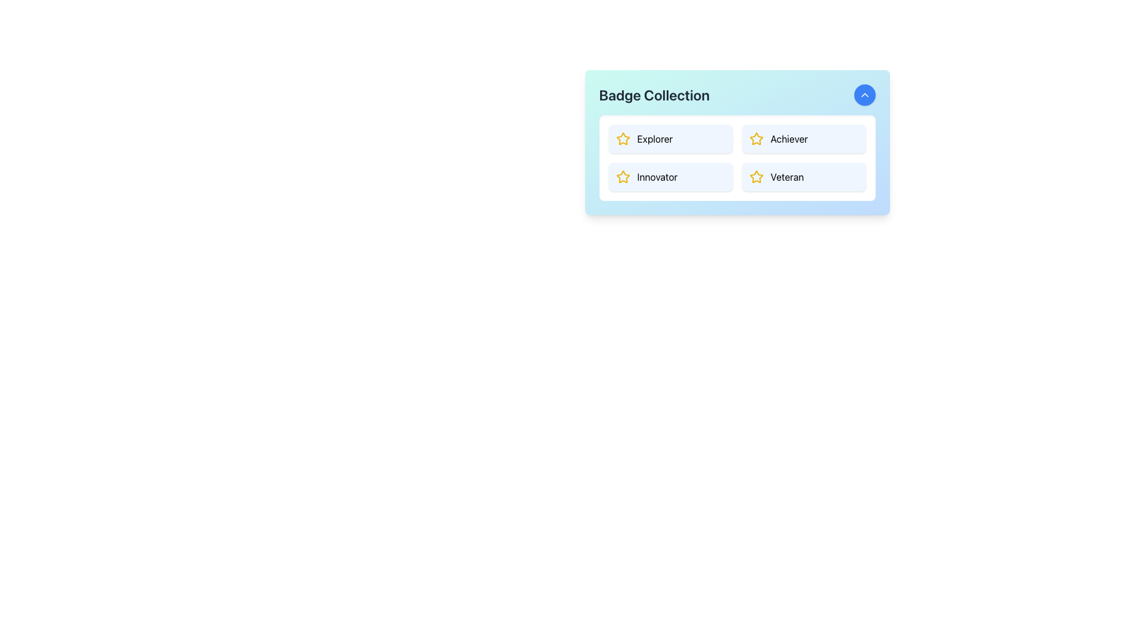 The image size is (1143, 642). What do you see at coordinates (657, 177) in the screenshot?
I see `the 'Innovator' badge label in the Badge Collection section, which is the first item in the second row of a two-column grid` at bounding box center [657, 177].